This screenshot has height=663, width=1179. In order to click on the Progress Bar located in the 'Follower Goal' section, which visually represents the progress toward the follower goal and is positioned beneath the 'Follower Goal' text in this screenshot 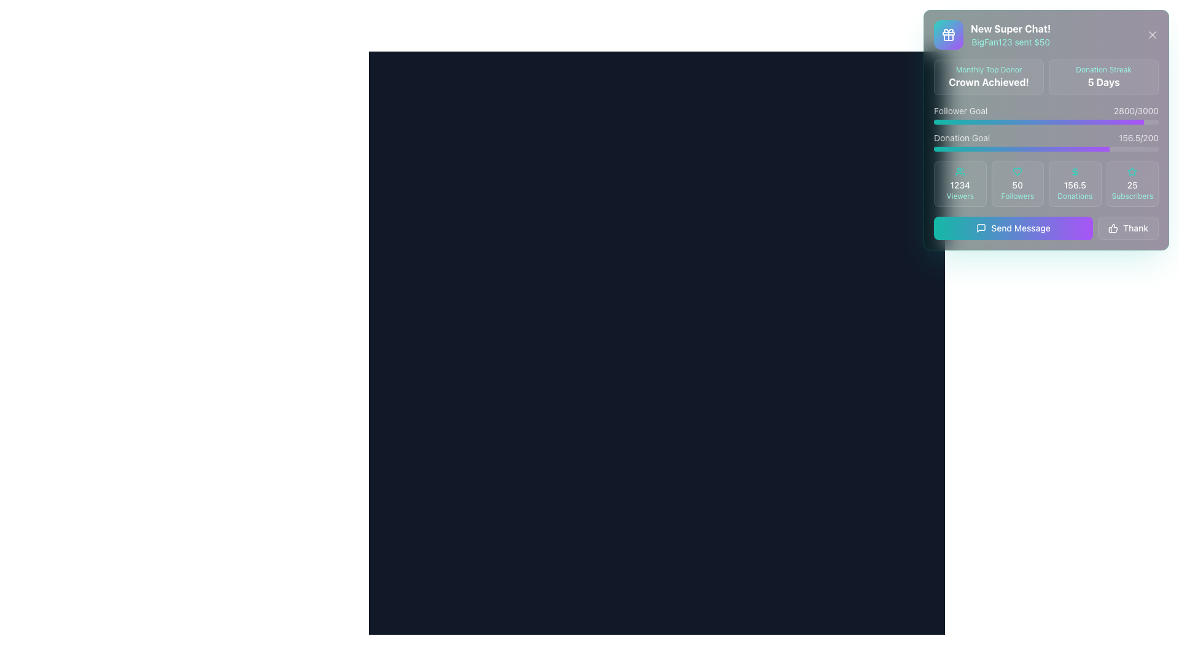, I will do `click(1038, 122)`.